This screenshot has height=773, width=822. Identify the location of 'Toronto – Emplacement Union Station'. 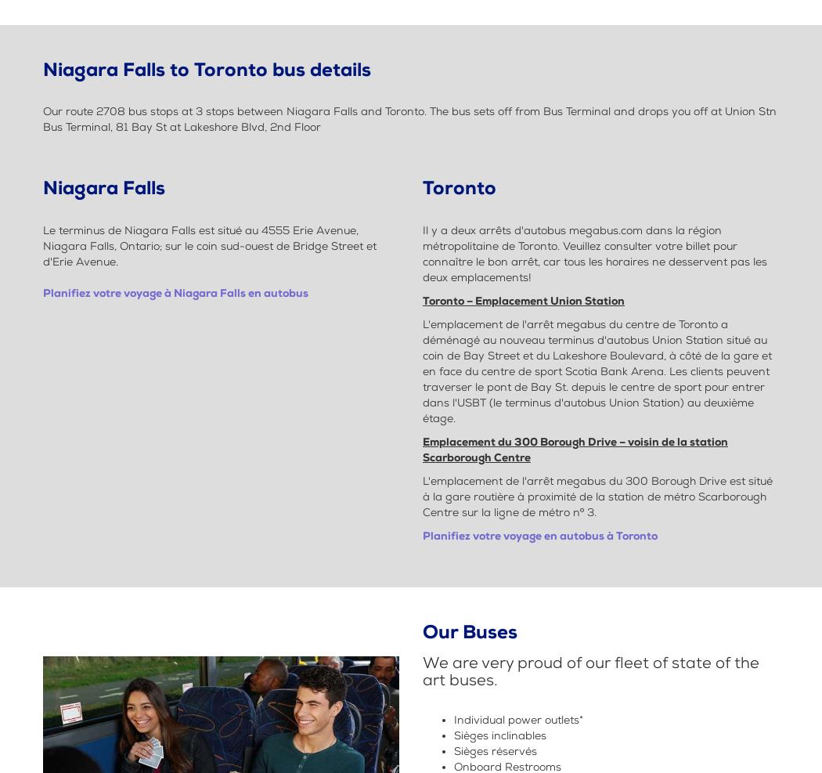
(522, 300).